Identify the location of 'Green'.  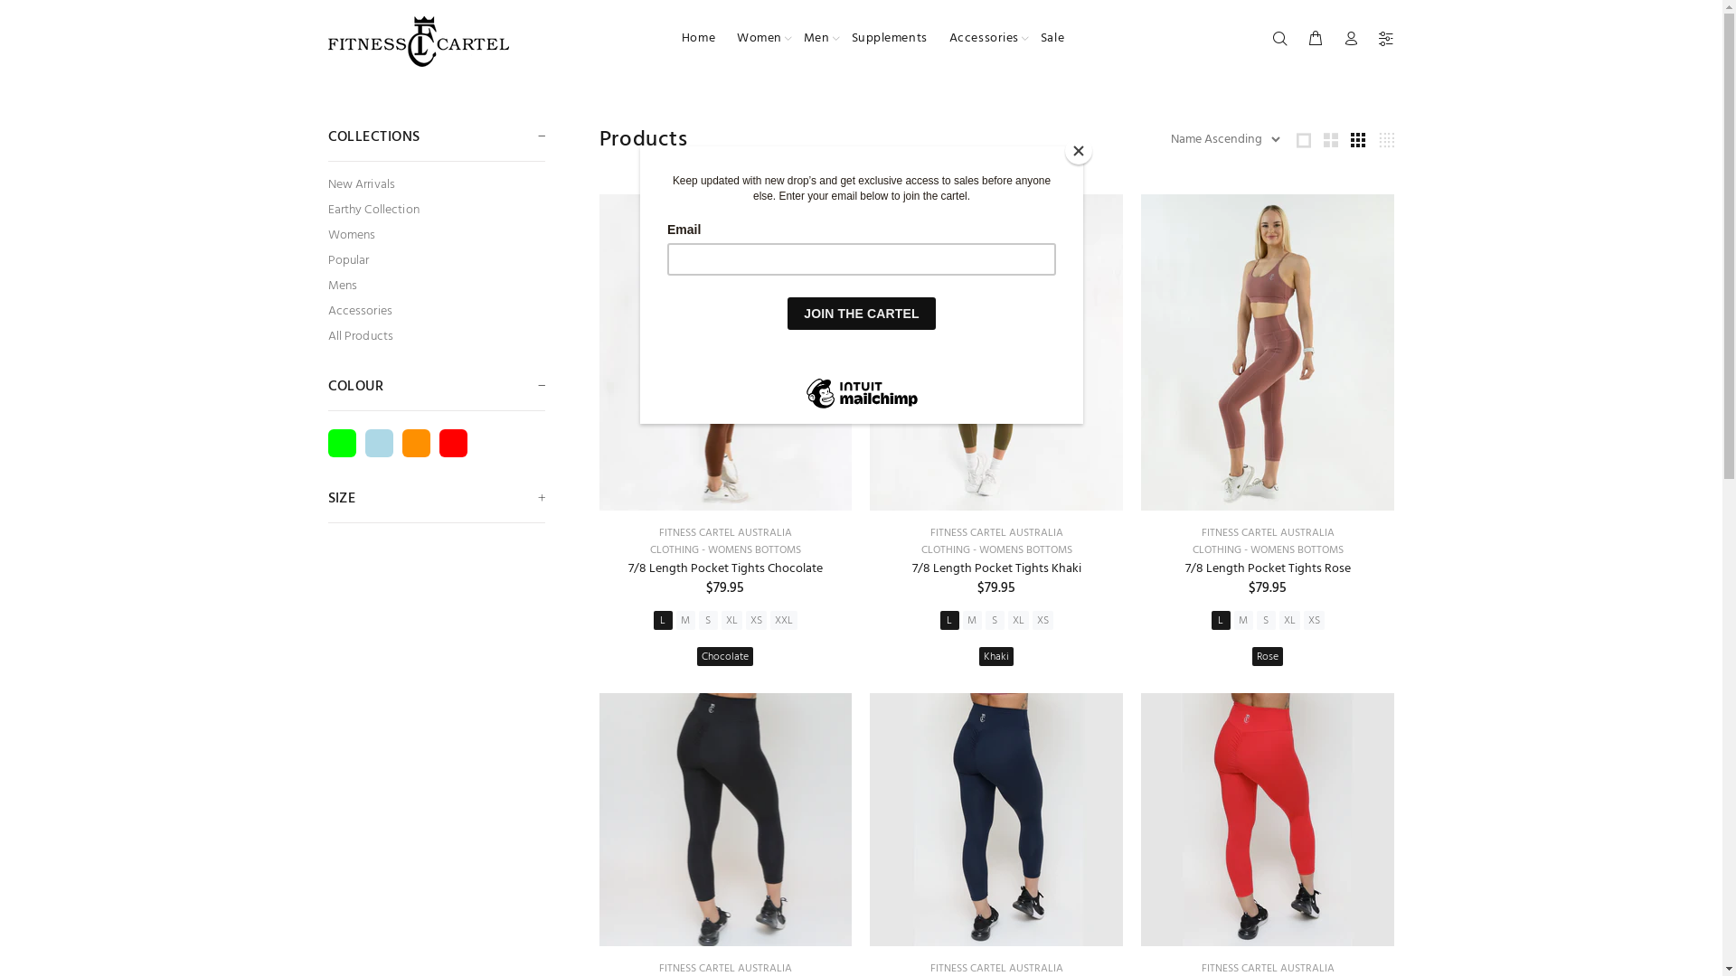
(341, 443).